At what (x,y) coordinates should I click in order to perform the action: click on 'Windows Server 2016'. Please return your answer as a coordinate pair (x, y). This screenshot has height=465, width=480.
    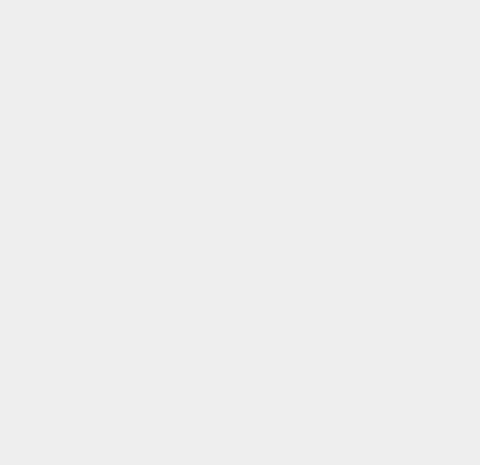
    Looking at the image, I should click on (339, 155).